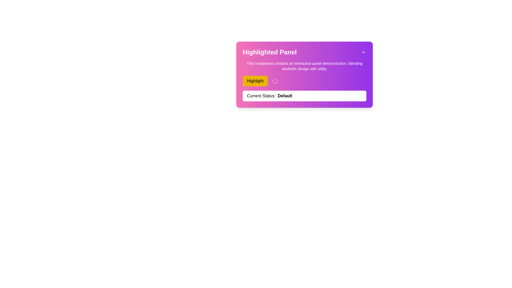 Image resolution: width=512 pixels, height=288 pixels. What do you see at coordinates (363, 52) in the screenshot?
I see `the collapsibility toggle button located at the top-right corner of the 'Highlighted Panel'` at bounding box center [363, 52].